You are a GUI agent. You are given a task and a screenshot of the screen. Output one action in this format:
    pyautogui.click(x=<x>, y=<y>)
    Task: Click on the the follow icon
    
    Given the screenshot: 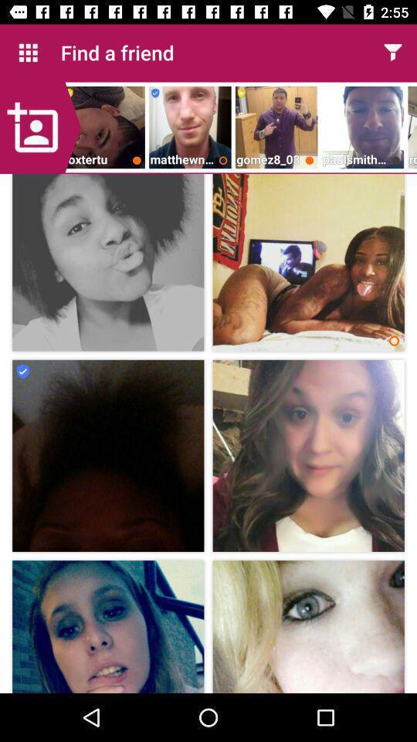 What is the action you would take?
    pyautogui.click(x=40, y=127)
    